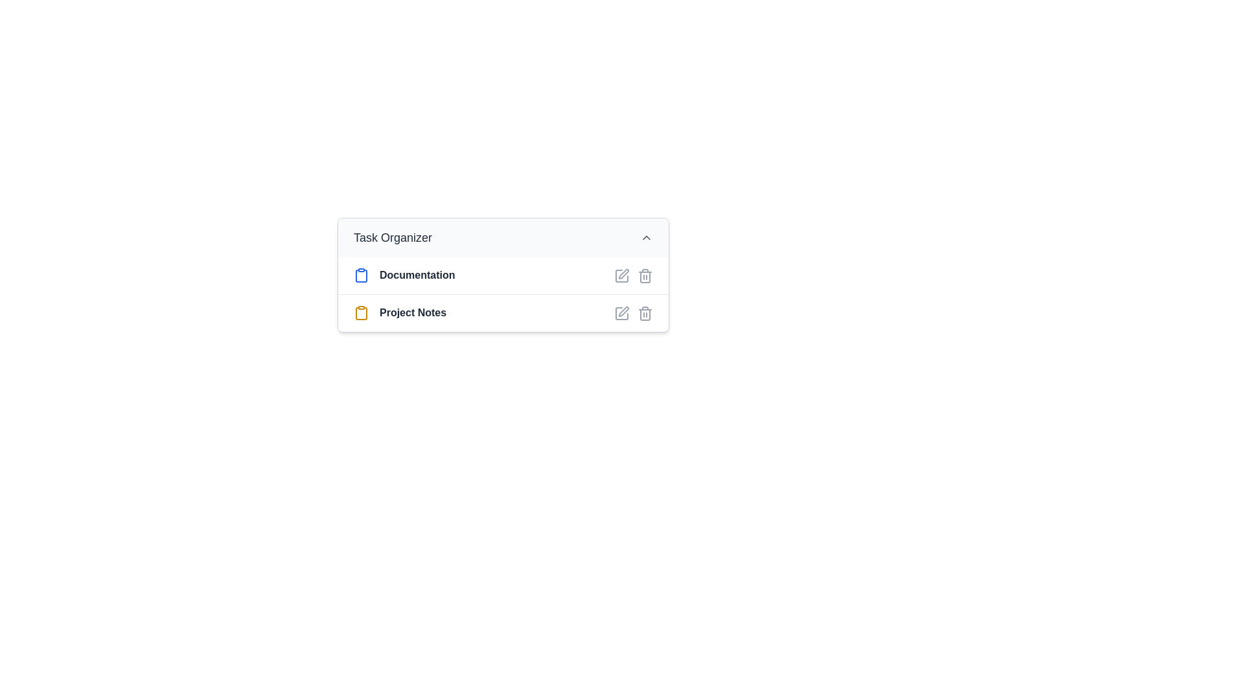 This screenshot has width=1244, height=700. I want to click on the downward-facing chevron icon in the 'Task Organizer' header bar, so click(647, 237).